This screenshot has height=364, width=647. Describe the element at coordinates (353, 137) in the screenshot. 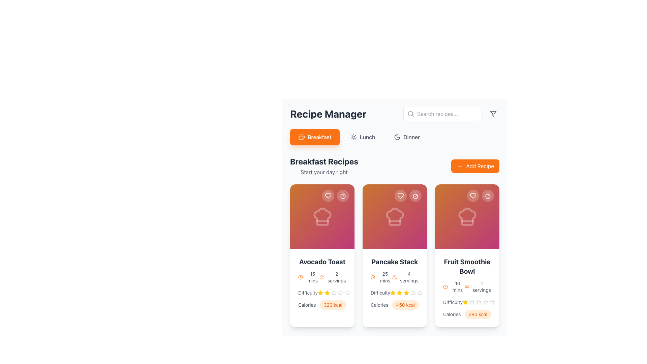

I see `the icon representing the lunch category located in the toolbar section to the right of the text 'Lunch'` at that location.